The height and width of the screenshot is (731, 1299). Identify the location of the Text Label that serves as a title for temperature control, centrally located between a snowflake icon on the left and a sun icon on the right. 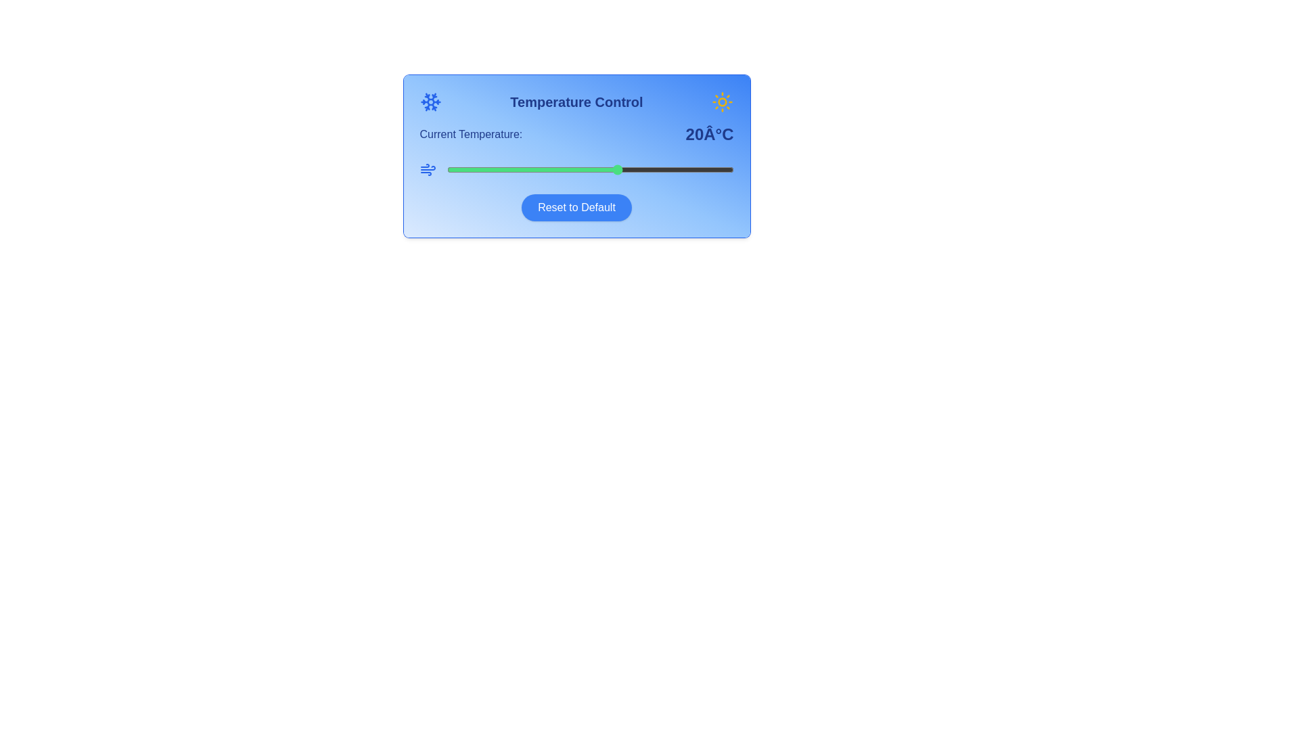
(576, 101).